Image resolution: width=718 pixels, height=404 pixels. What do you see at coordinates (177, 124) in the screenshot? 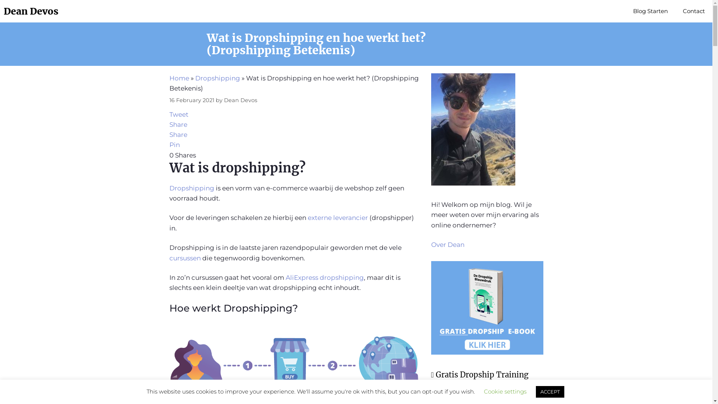
I see `'Share'` at bounding box center [177, 124].